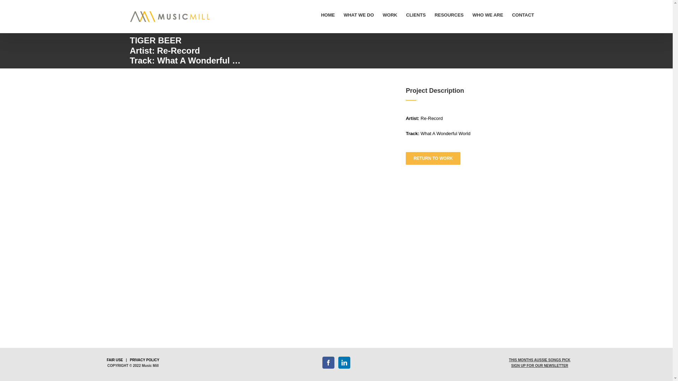 This screenshot has width=678, height=381. What do you see at coordinates (487, 15) in the screenshot?
I see `'WHO WE ARE'` at bounding box center [487, 15].